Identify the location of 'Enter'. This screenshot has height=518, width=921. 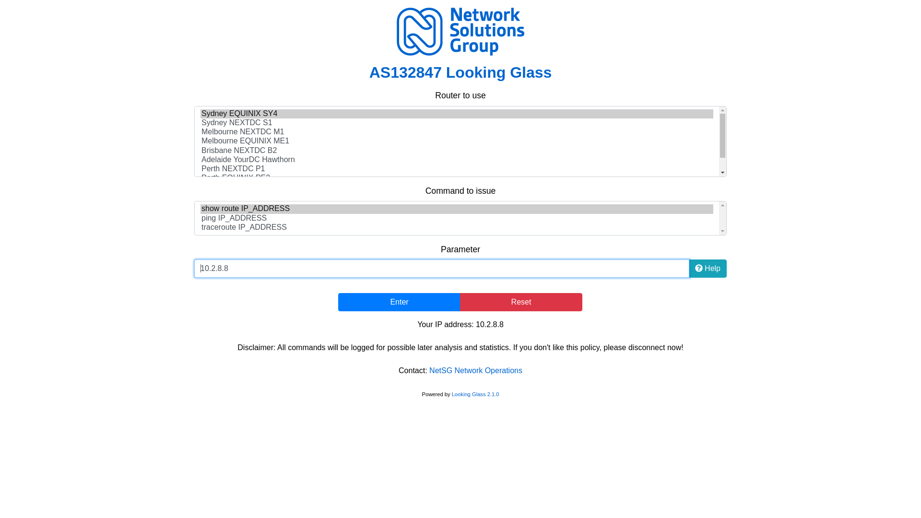
(399, 301).